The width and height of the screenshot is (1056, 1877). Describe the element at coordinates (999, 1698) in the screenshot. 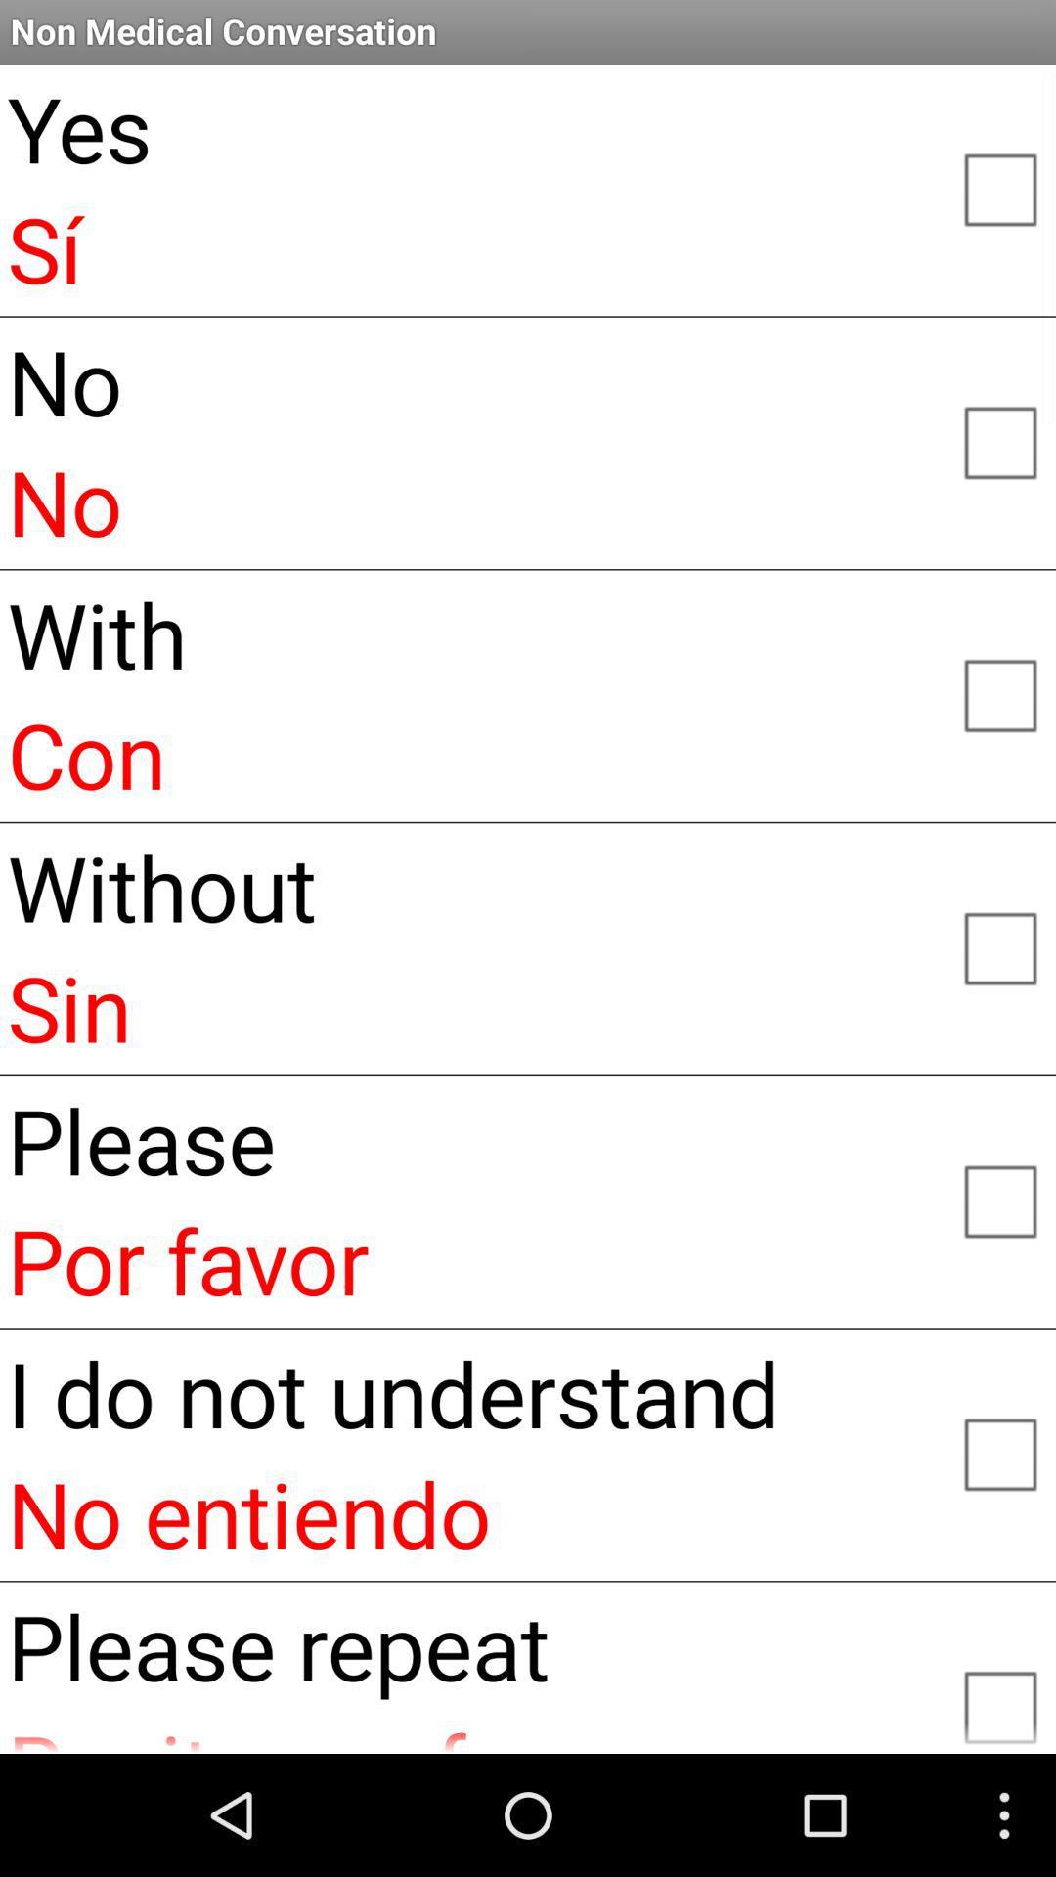

I see `please repeat option` at that location.